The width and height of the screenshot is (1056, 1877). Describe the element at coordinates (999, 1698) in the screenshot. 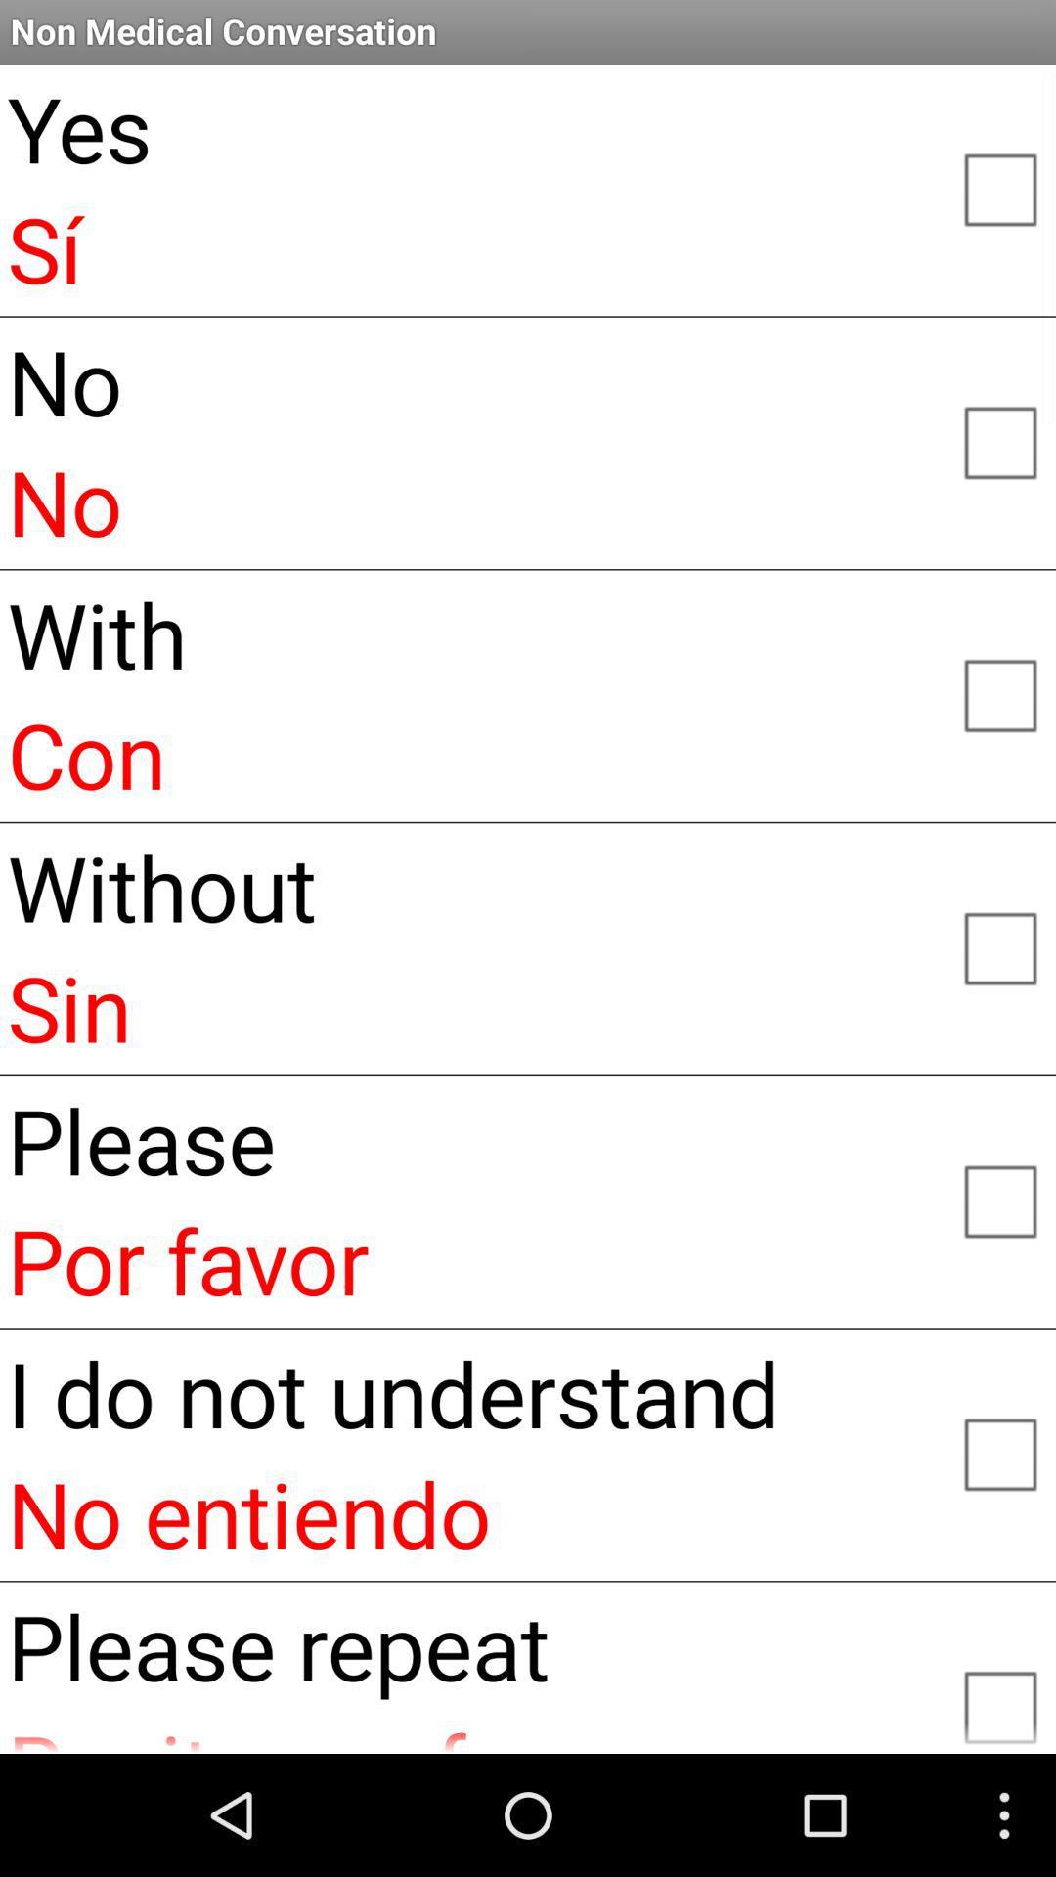

I see `please repeat option` at that location.